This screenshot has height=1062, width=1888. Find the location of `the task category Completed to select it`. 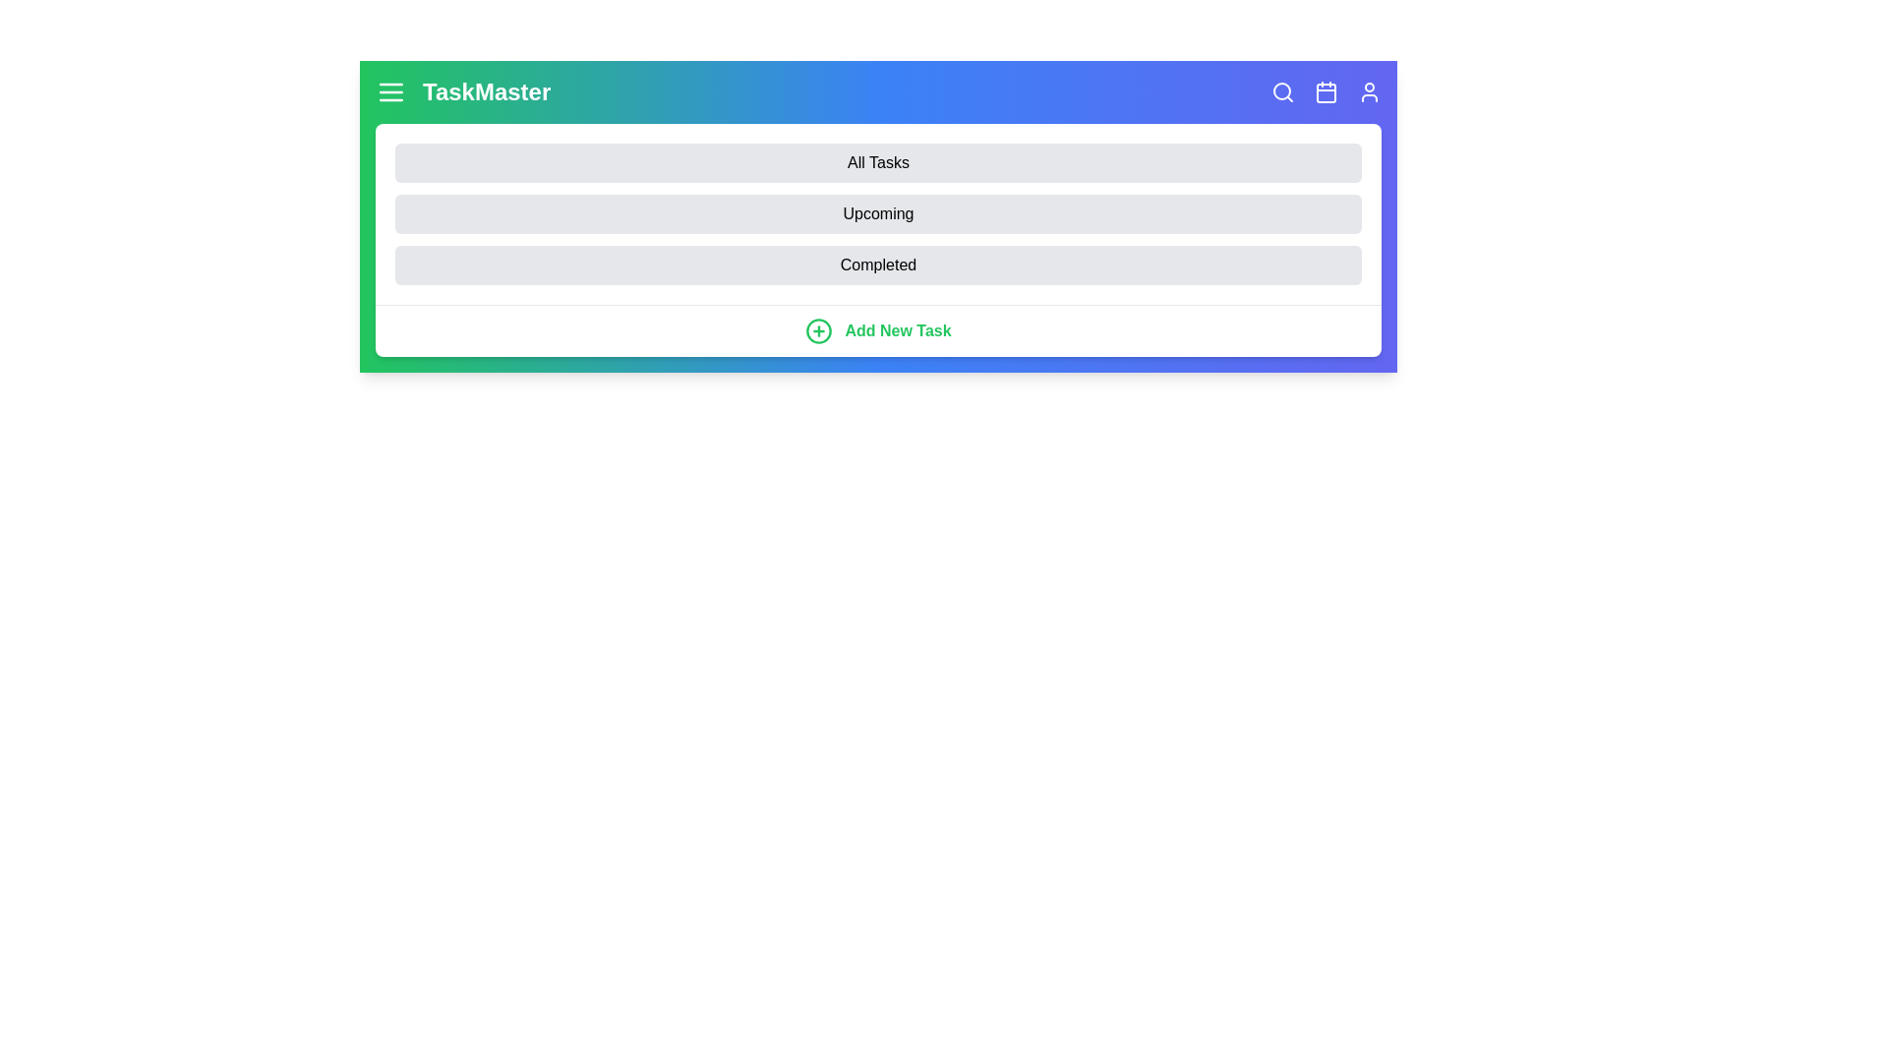

the task category Completed to select it is located at coordinates (877, 265).